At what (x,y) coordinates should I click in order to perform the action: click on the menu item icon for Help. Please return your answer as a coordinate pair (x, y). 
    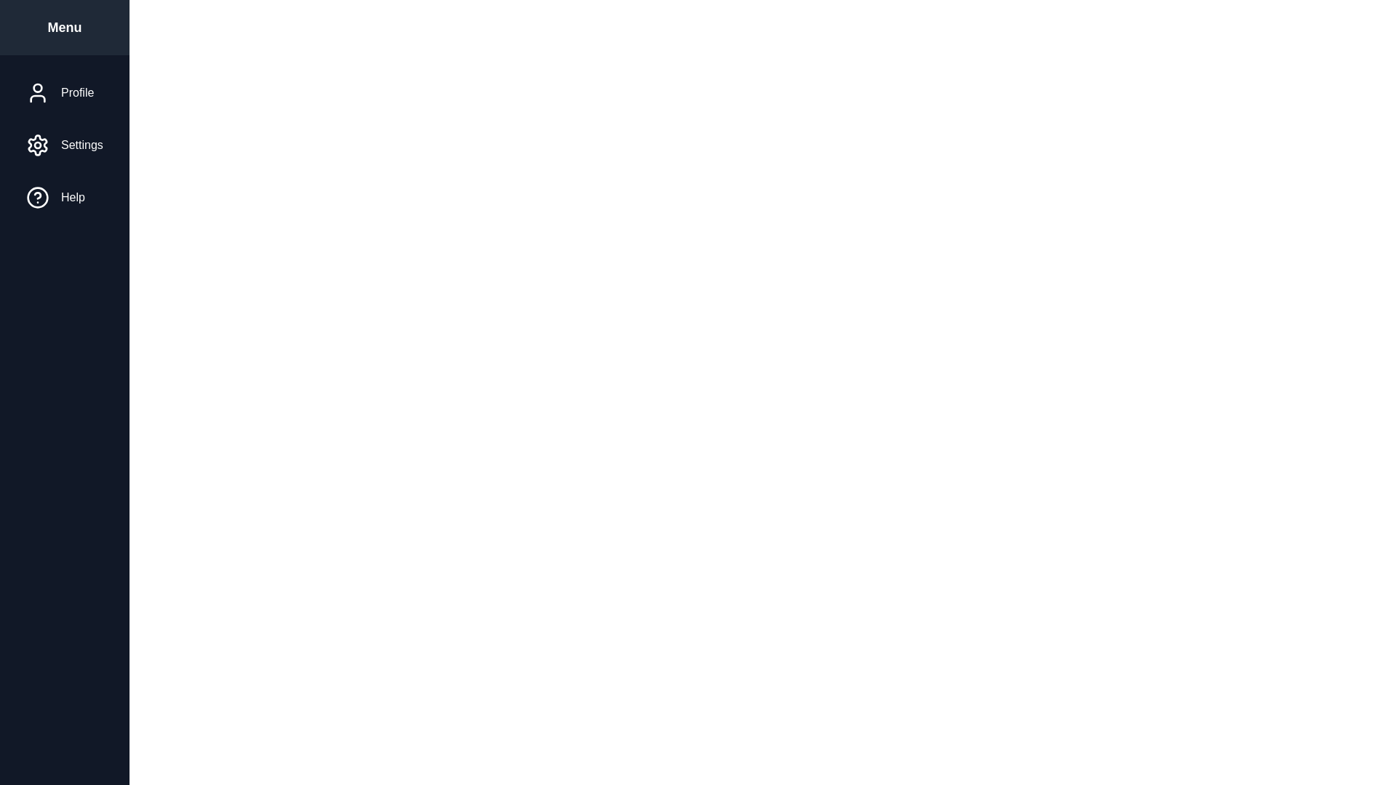
    Looking at the image, I should click on (38, 198).